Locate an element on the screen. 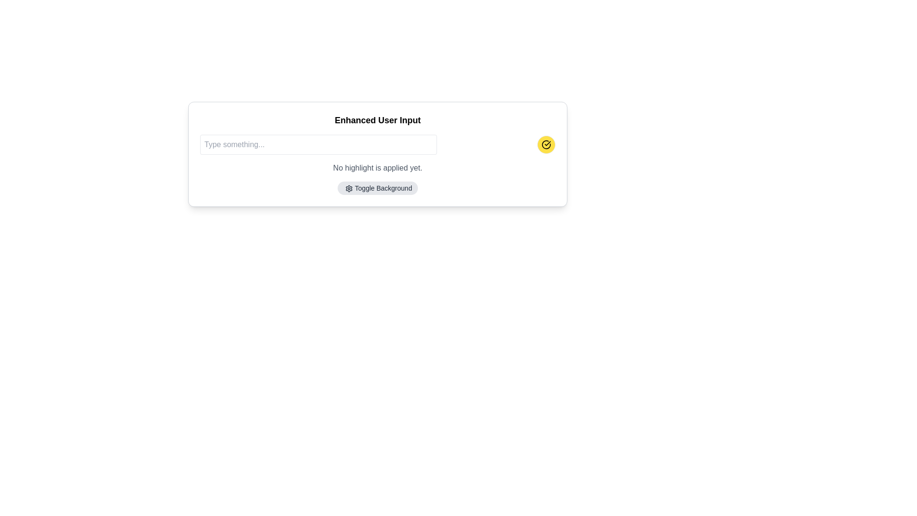 This screenshot has height=516, width=917. the settings cogwheel icon located to the left of the 'Toggle Background' button in the 'Enhanced User Input' panel is located at coordinates (349, 189).